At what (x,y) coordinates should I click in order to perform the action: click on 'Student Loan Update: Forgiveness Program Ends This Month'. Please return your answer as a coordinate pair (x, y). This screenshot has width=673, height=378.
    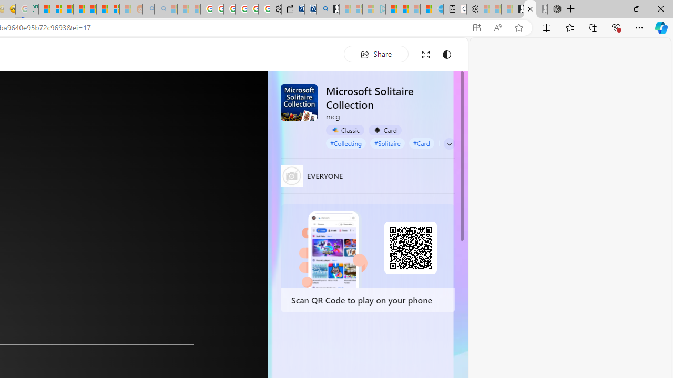
    Looking at the image, I should click on (78, 9).